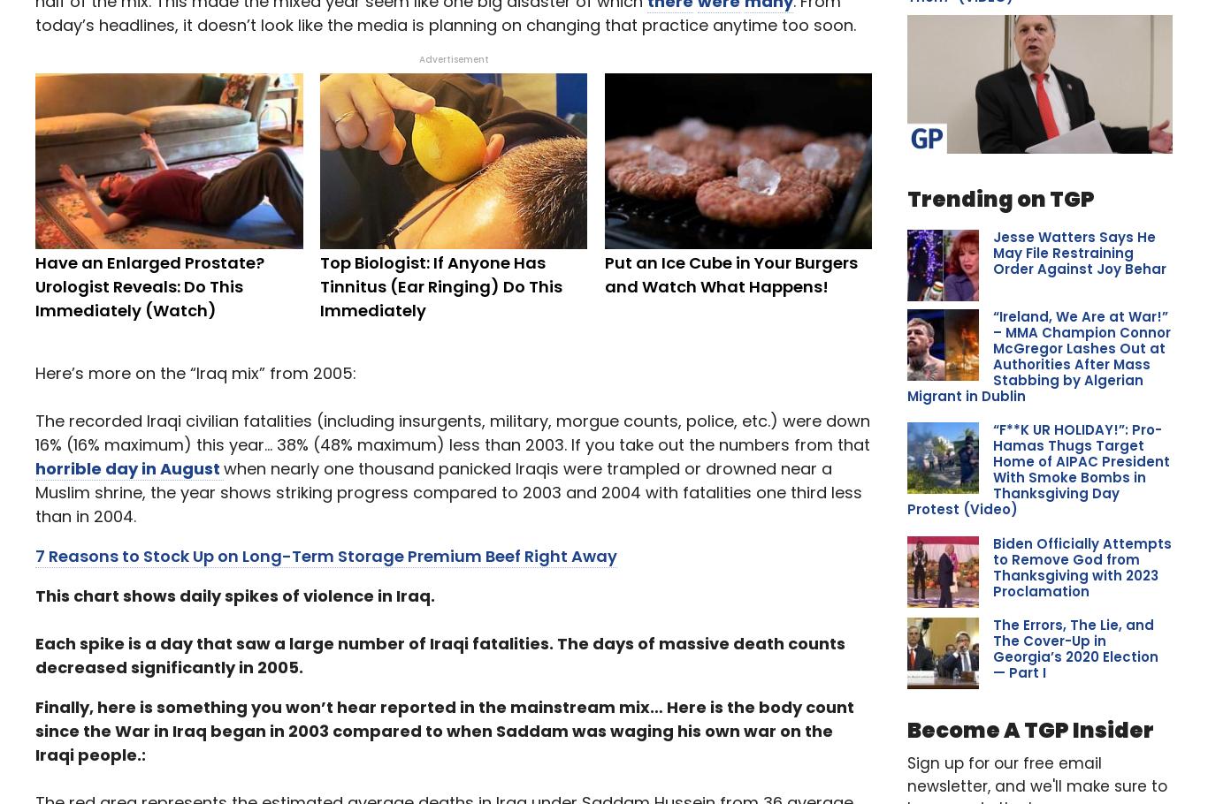  I want to click on '© 2023 The Gateway Pundit', so click(120, 780).